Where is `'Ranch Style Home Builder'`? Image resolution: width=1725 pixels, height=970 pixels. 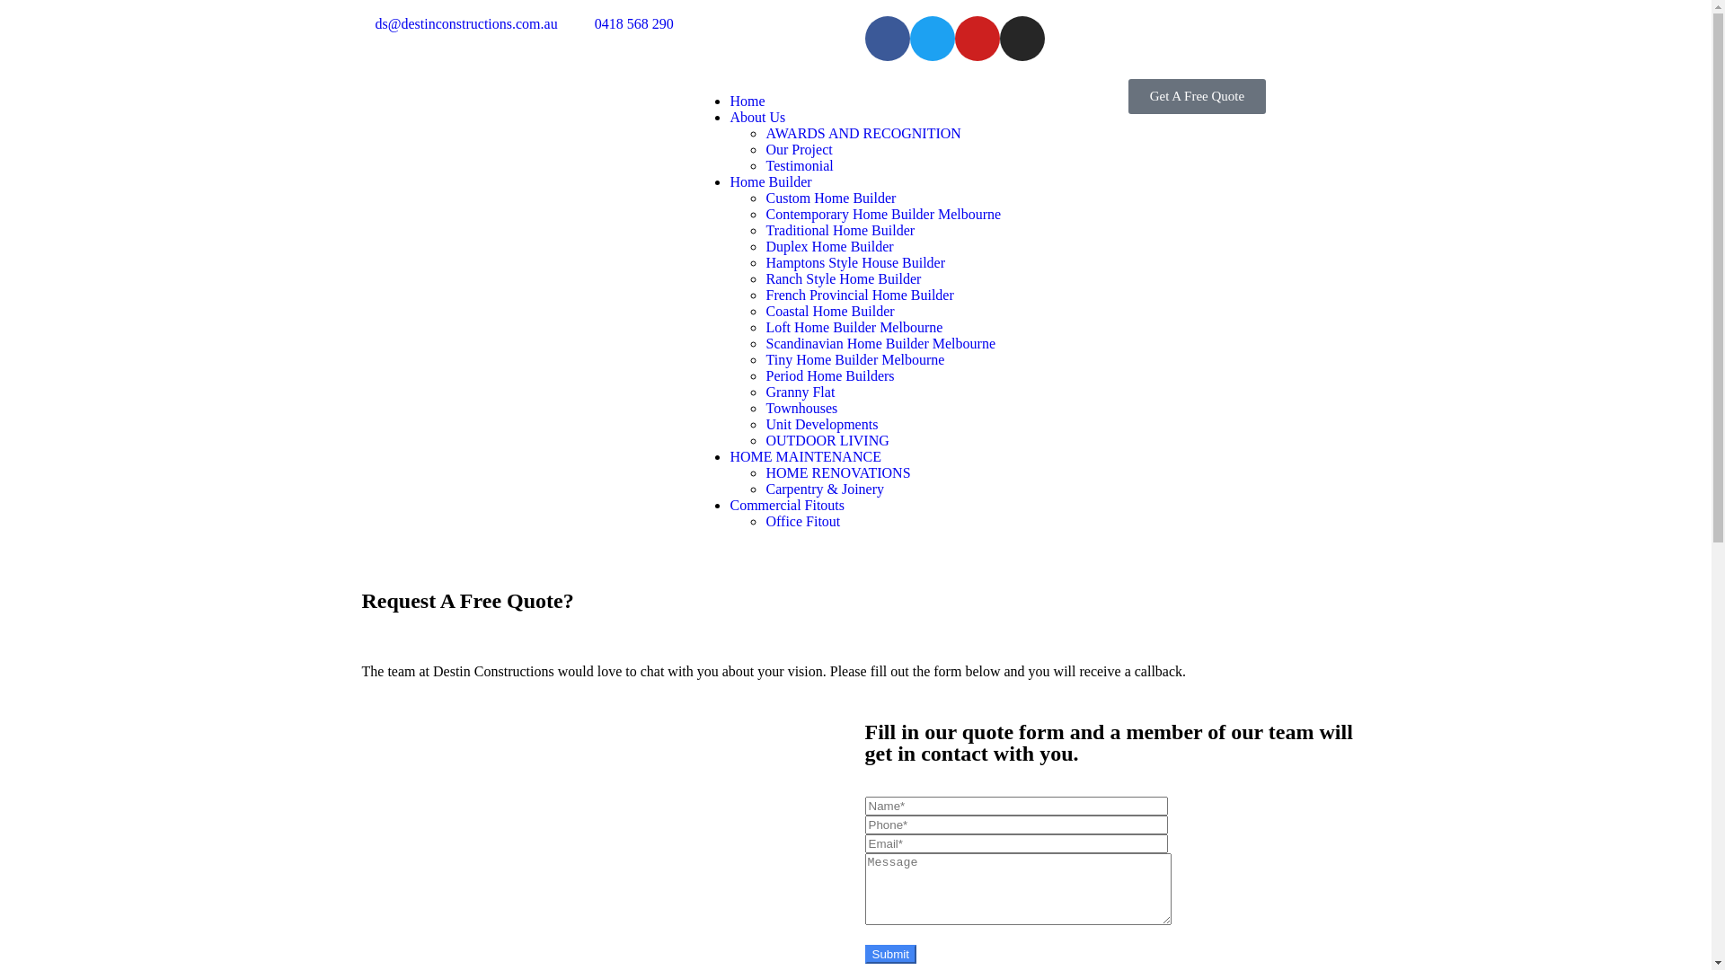
'Ranch Style Home Builder' is located at coordinates (842, 278).